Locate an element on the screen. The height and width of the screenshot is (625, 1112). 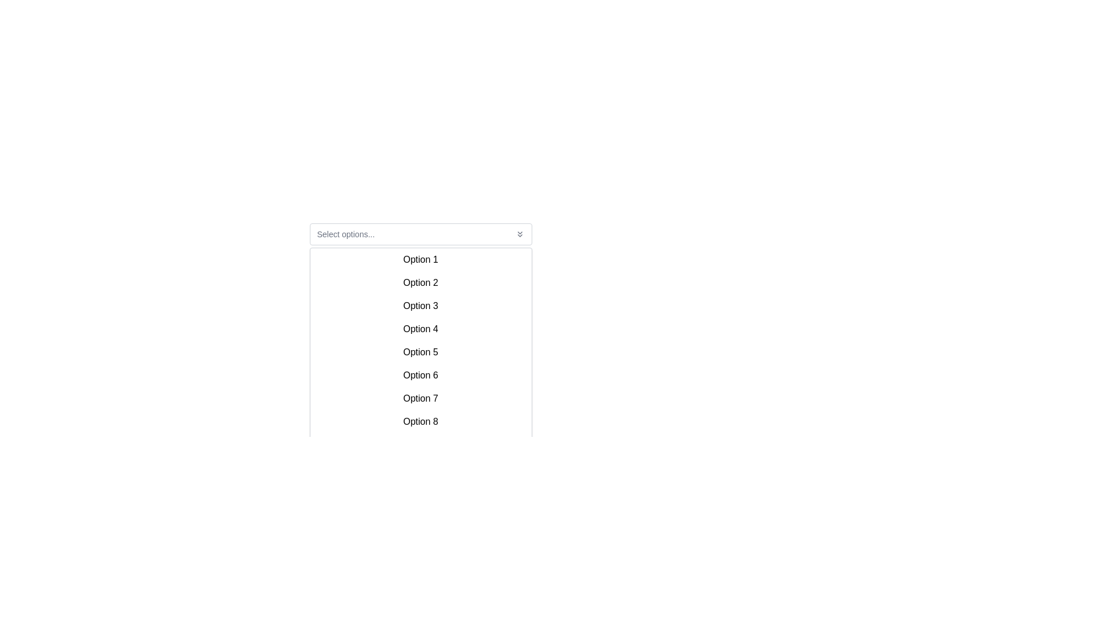
the icon consisting of two stacked downward chevrons at the far right edge of the dropdown is located at coordinates (519, 234).